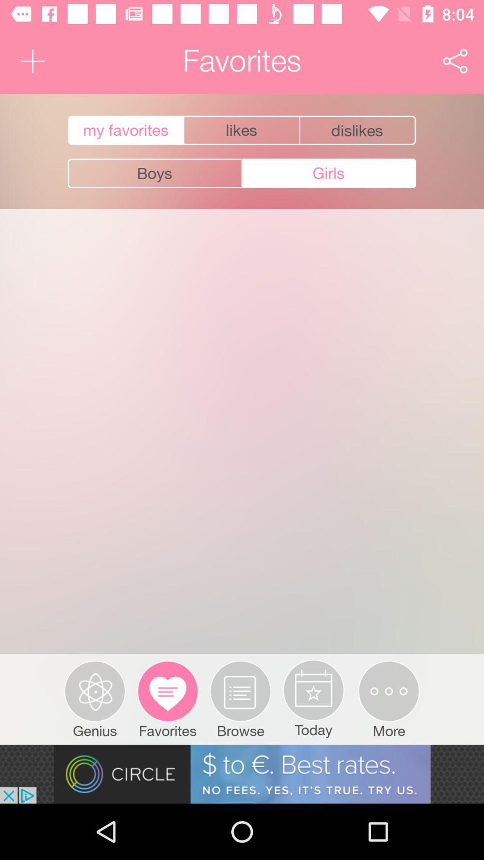 Image resolution: width=484 pixels, height=860 pixels. What do you see at coordinates (358, 130) in the screenshot?
I see `dislikes` at bounding box center [358, 130].